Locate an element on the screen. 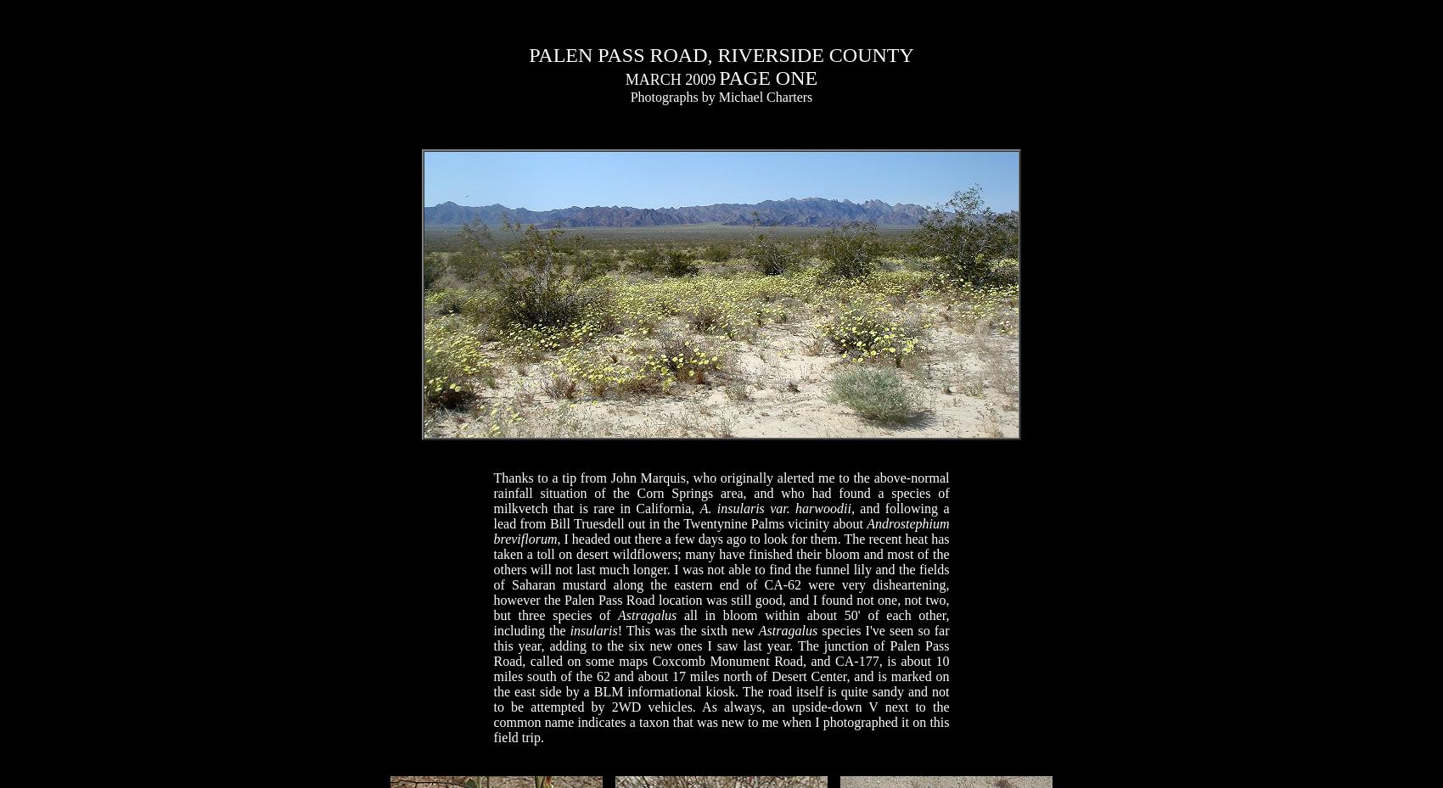 The height and width of the screenshot is (788, 1443). 'species I've seen so far this year, adding to the six new ones I saw last year. The junction of Palen Pass Road, called on some maps Coxcomb Monument Road, and CA-177, is about 10 miles south of the 62 and about 17 miles north of Desert Center, and is marked on the east side by a BLM informational kiosk. The road itself is quite sandy and not to be attempted by 2WD vehicles. As always, an upside-down V next to the common name indicates a taxon that was new to me when I photographed it on this field trip.' is located at coordinates (720, 683).